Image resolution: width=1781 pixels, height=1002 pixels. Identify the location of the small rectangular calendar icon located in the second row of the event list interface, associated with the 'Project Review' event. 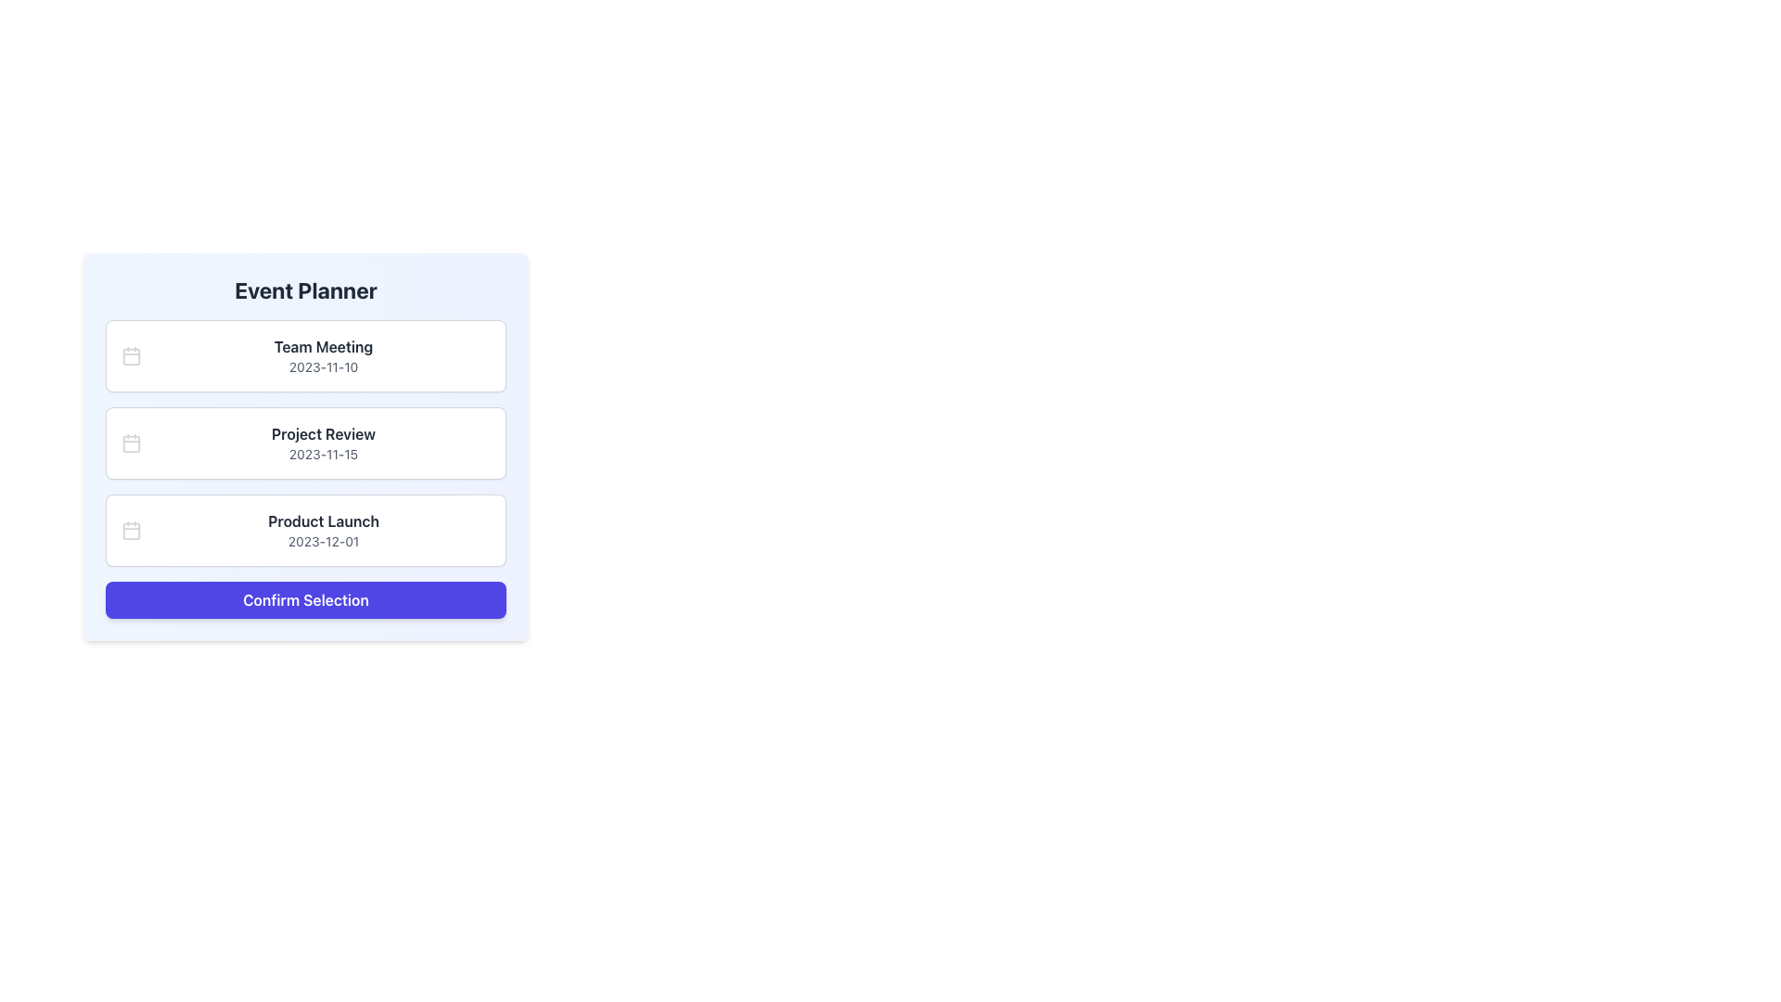
(131, 443).